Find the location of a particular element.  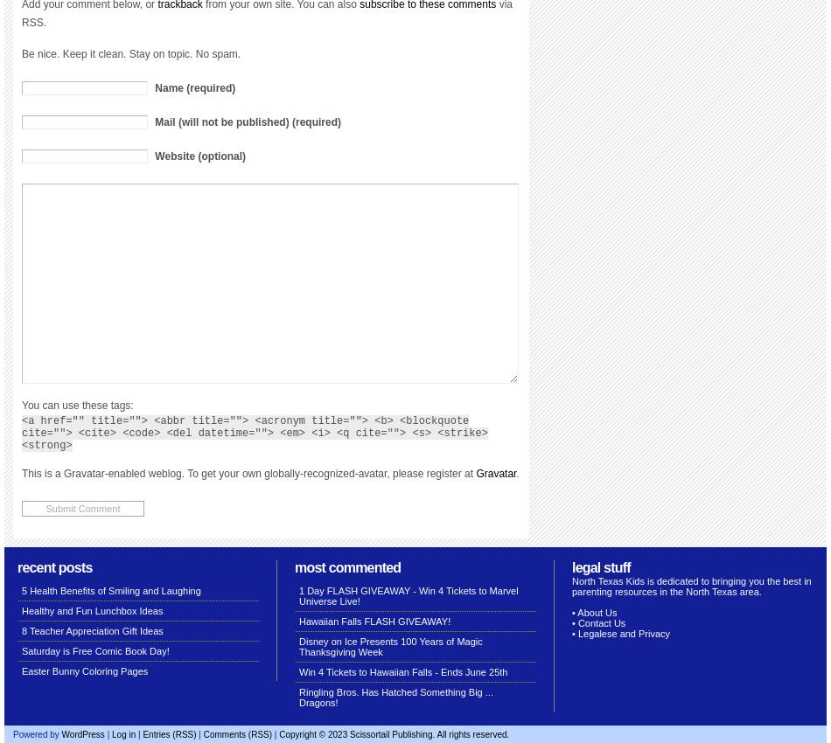

'Copyright © 2023 Scissortail Publishing. All rights reserved.' is located at coordinates (278, 734).